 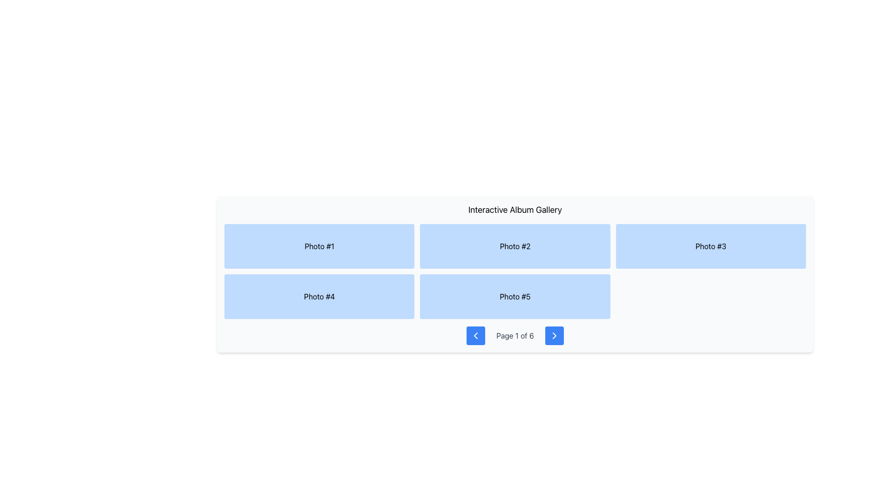 What do you see at coordinates (710, 245) in the screenshot?
I see `the static display box for 'Photo #3', which is the third item in the grid layout at the far-right position in the top row` at bounding box center [710, 245].